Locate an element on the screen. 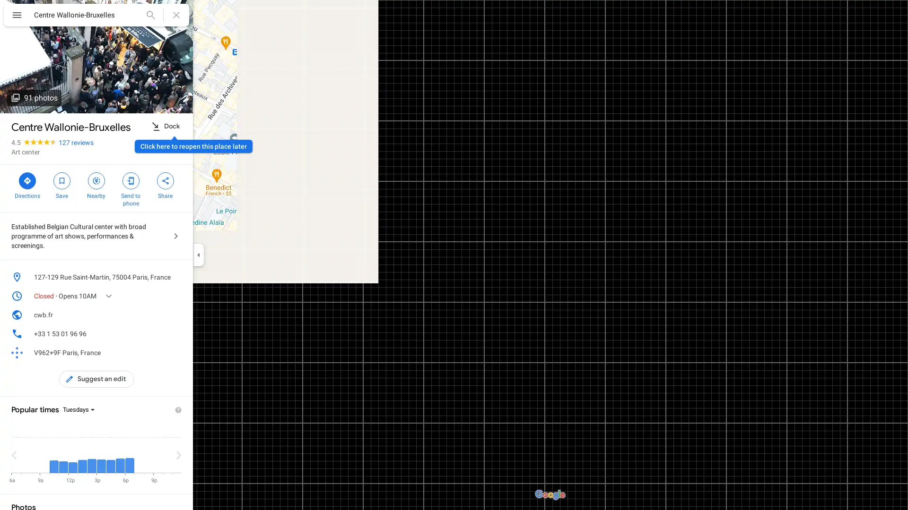  Copy website is located at coordinates (177, 315).